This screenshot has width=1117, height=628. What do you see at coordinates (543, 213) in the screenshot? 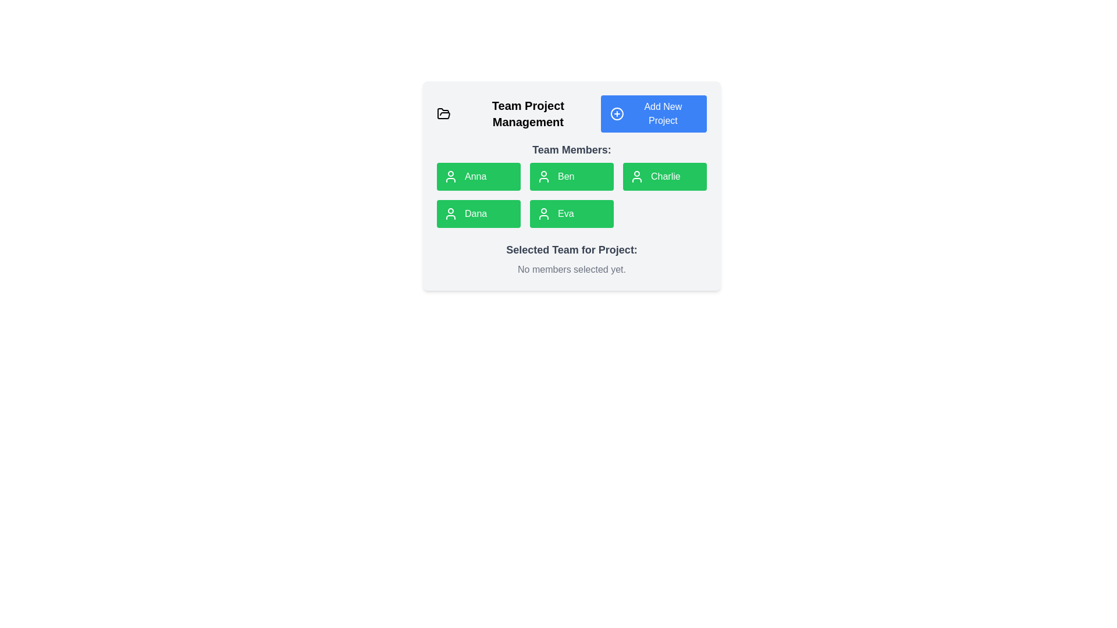
I see `the Profile icon, a small circular decorative SVG element within the green button labeled 'Eva', located at the bottom-right of the 'Team Members' section` at bounding box center [543, 213].